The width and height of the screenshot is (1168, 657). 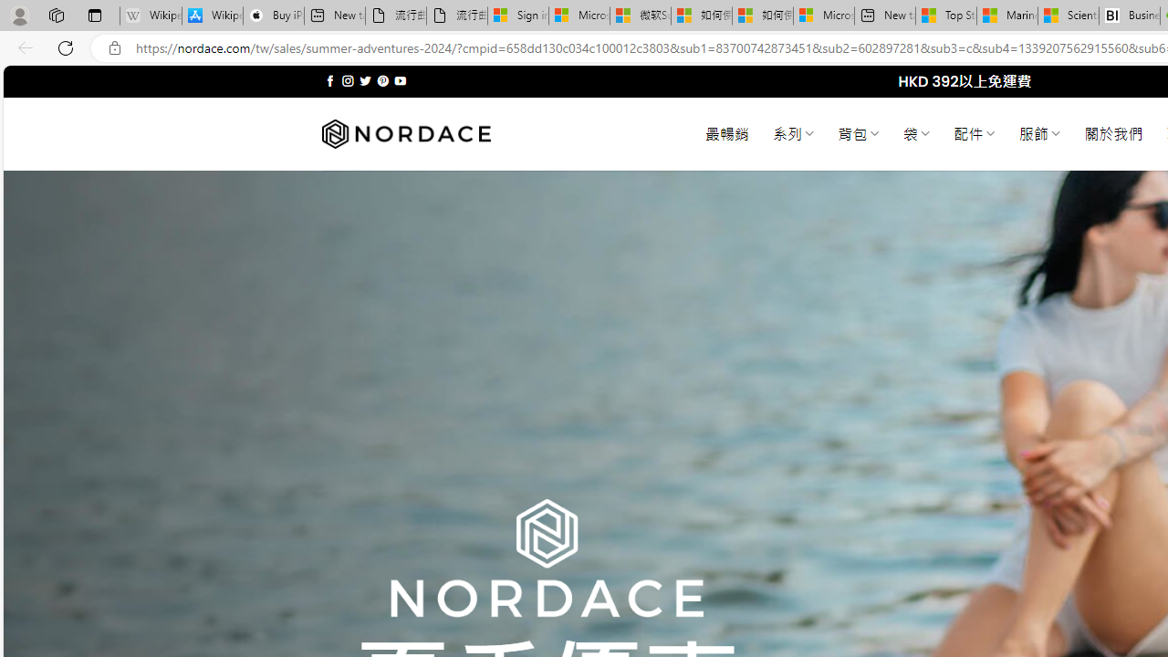 What do you see at coordinates (400, 80) in the screenshot?
I see `'Follow on YouTube'` at bounding box center [400, 80].